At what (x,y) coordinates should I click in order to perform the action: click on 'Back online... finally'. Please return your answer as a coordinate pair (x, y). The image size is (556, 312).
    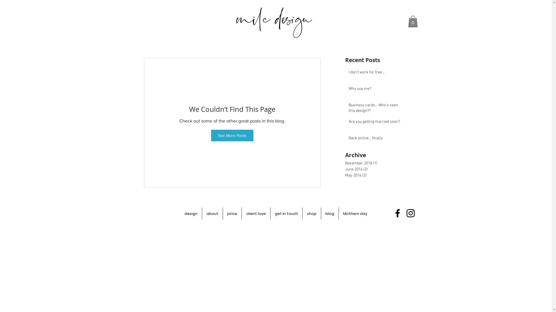
    Looking at the image, I should click on (348, 139).